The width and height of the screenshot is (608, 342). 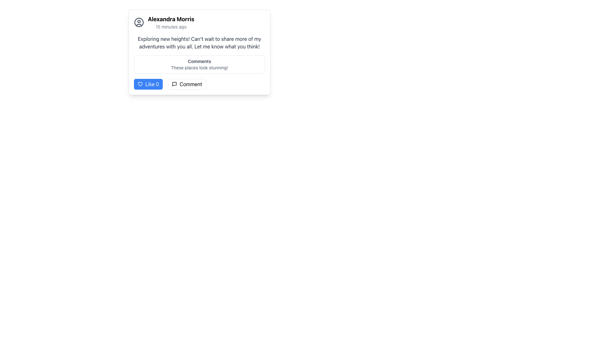 I want to click on the 'Like 0' button located on the right side of the blue button beneath the user post interface to interact with it, so click(x=152, y=84).